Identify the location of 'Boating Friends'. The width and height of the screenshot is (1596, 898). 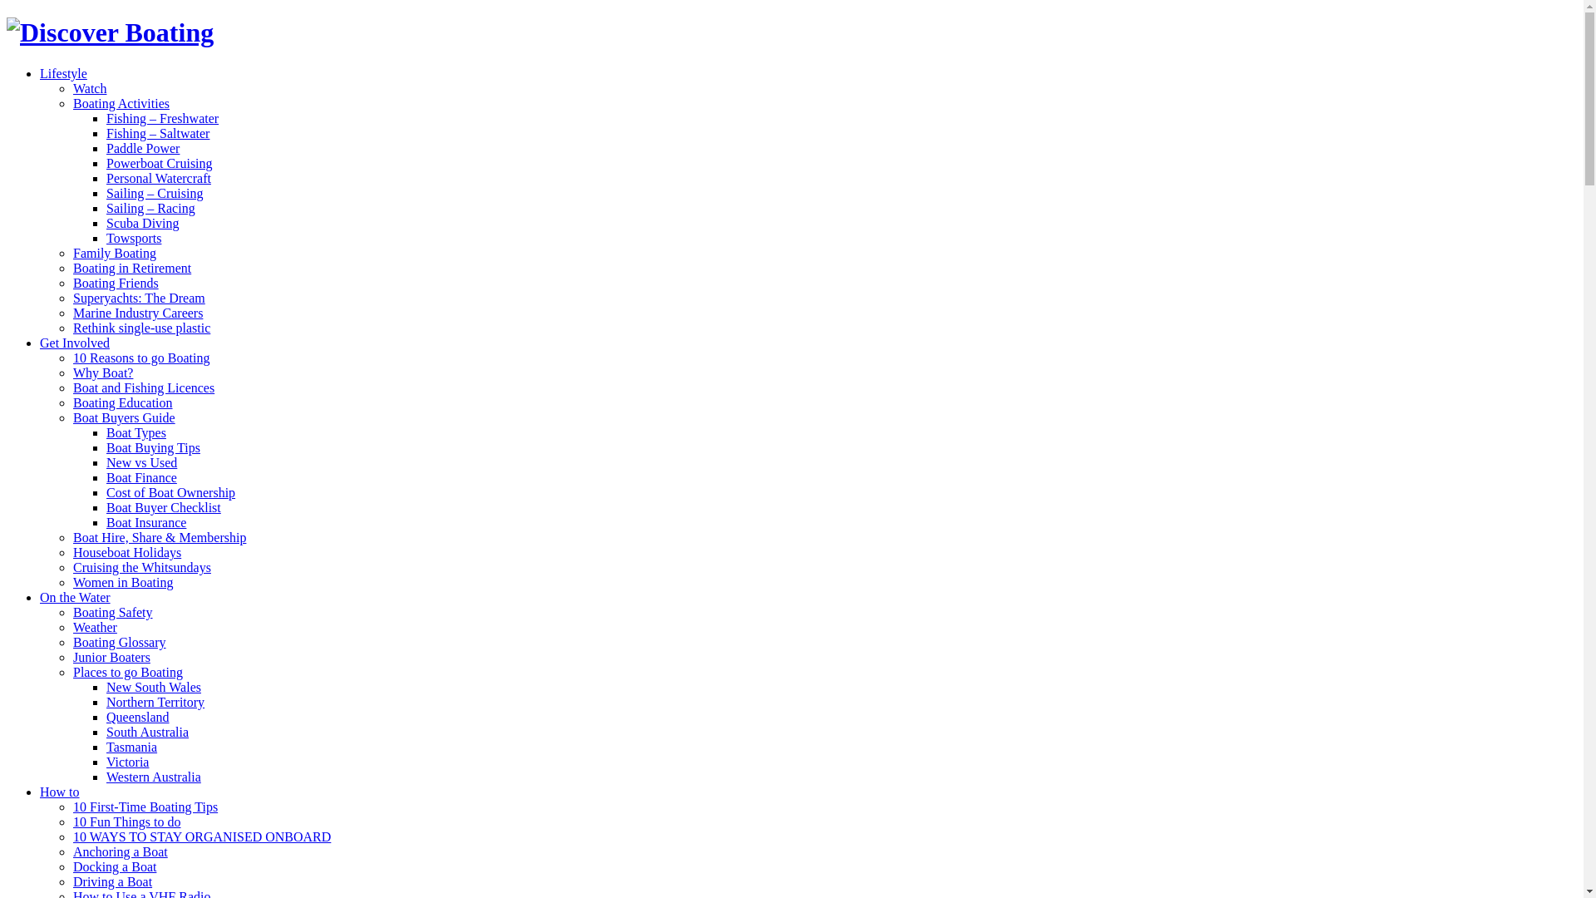
(115, 282).